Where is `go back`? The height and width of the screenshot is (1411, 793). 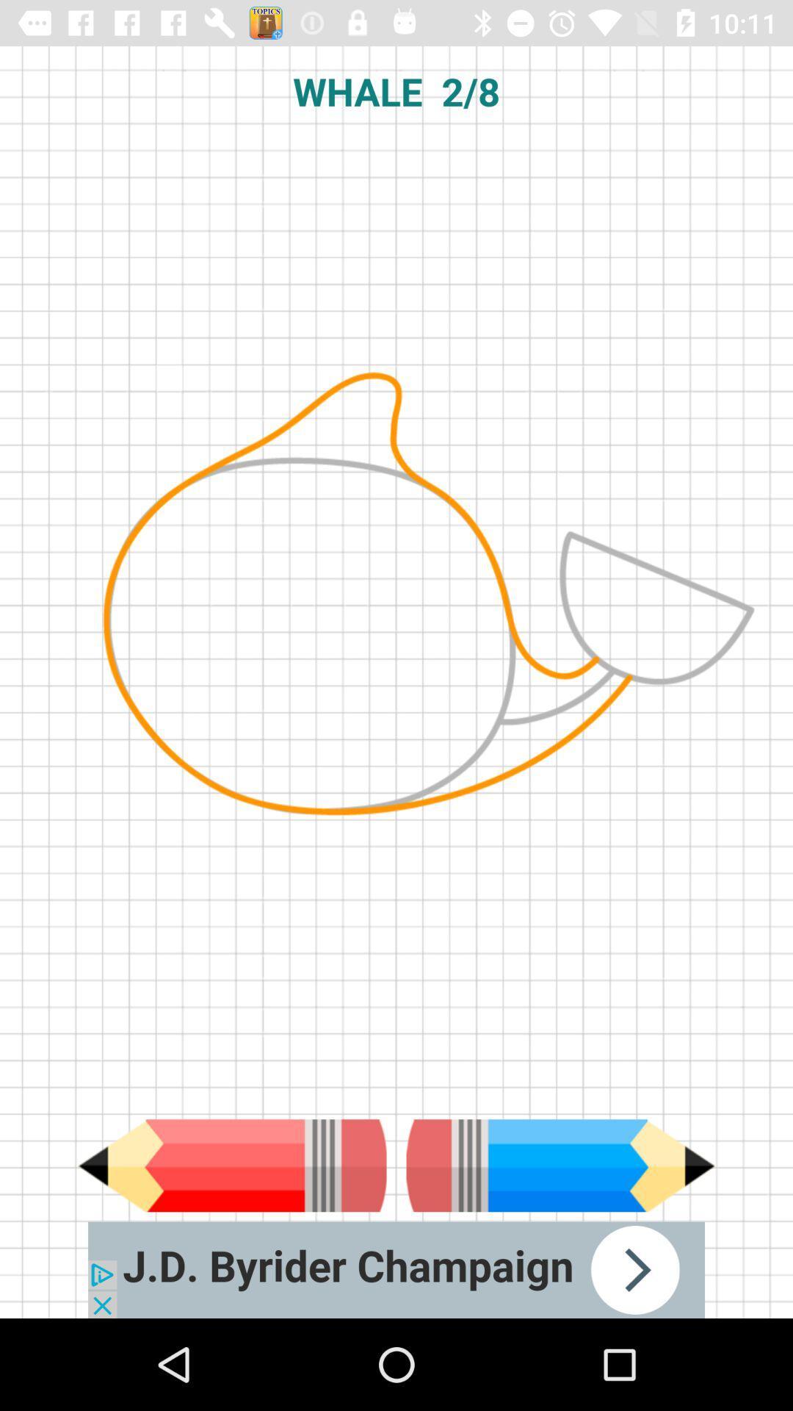
go back is located at coordinates (231, 1165).